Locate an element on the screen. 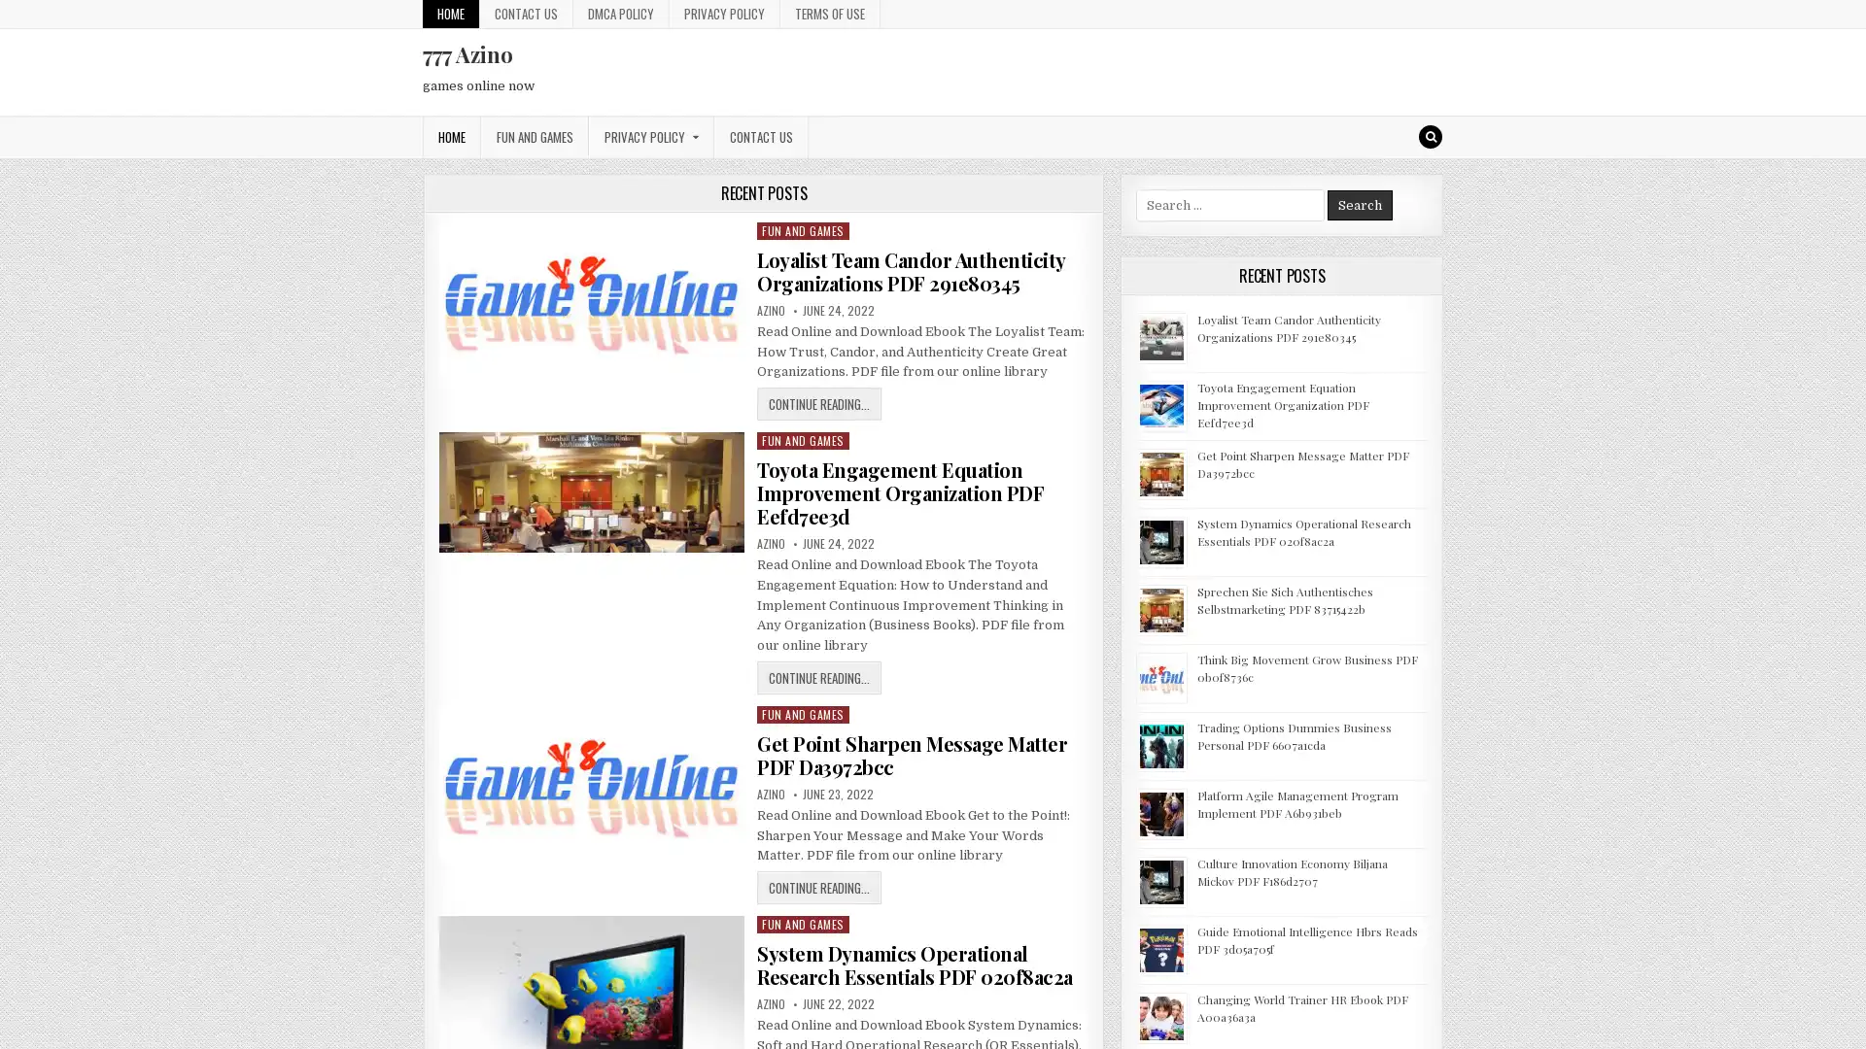 This screenshot has width=1866, height=1049. Search is located at coordinates (1359, 205).